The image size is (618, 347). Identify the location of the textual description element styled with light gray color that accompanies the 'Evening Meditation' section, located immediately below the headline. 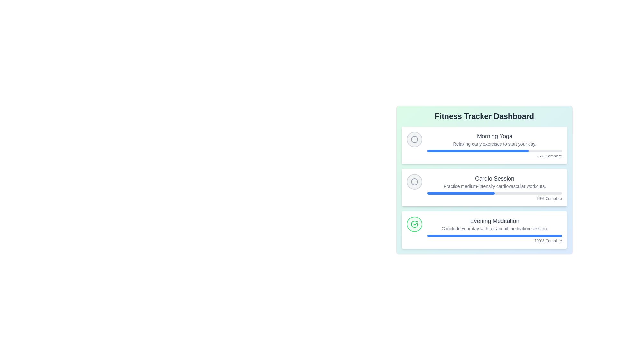
(494, 228).